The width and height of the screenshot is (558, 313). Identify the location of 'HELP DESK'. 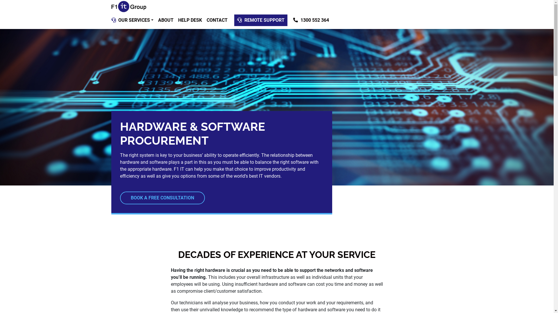
(175, 20).